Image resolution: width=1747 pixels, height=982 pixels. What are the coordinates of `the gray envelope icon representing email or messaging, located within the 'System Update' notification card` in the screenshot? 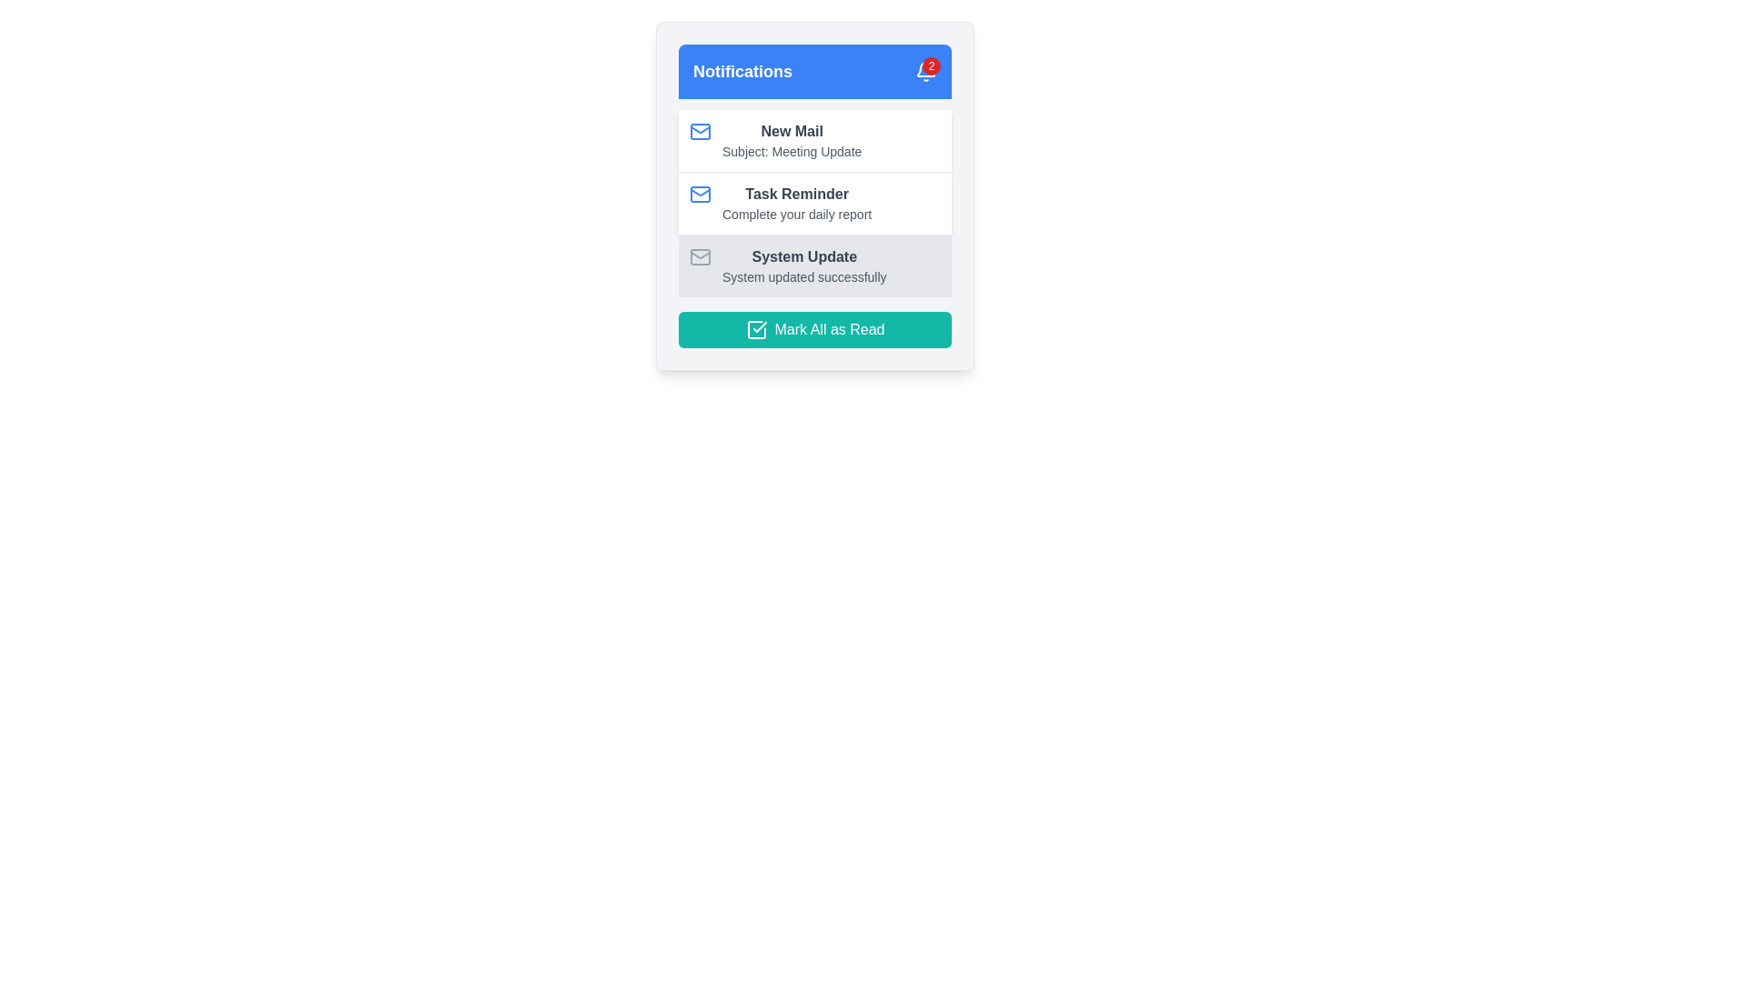 It's located at (699, 256).